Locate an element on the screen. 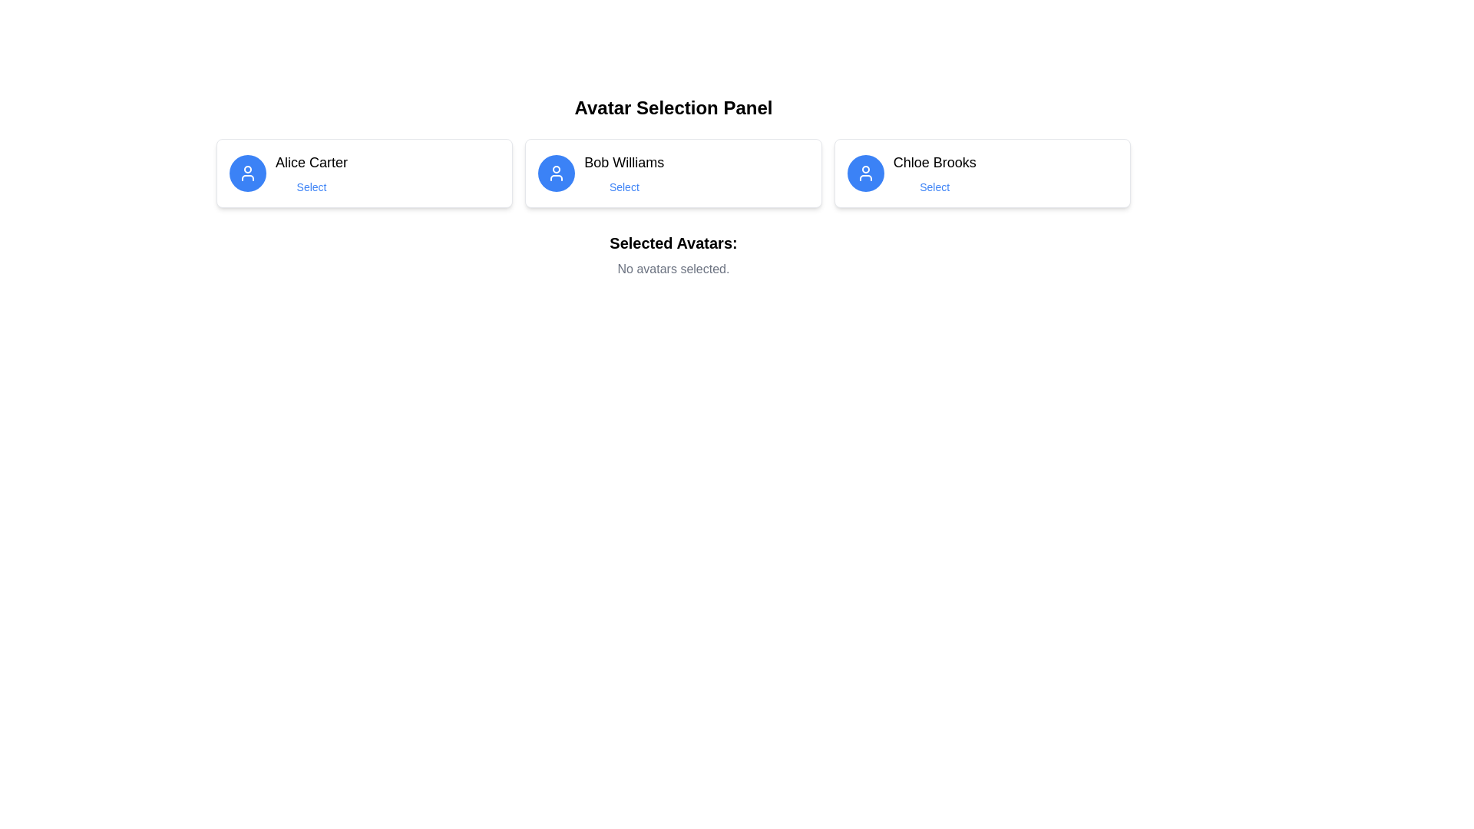 This screenshot has height=829, width=1474. the 'Select' button with blue text below 'Alice Carter' to observe the color change on hover is located at coordinates (311, 186).